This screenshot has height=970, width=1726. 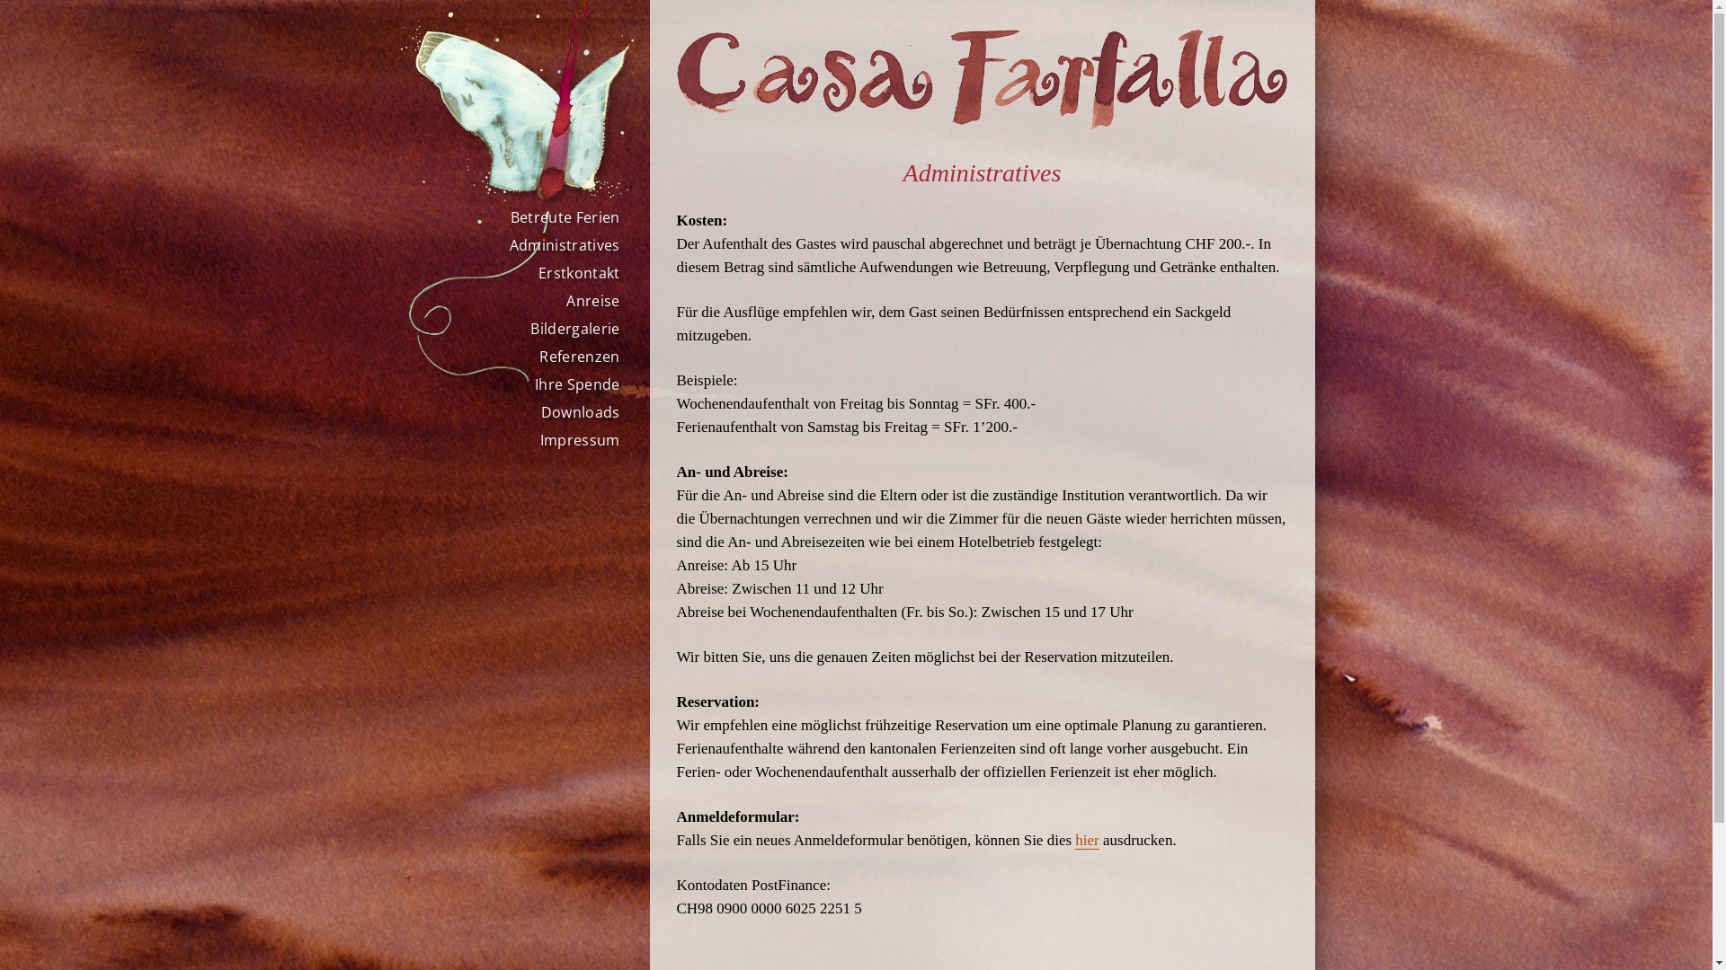 What do you see at coordinates (1074, 841) in the screenshot?
I see `'hier'` at bounding box center [1074, 841].